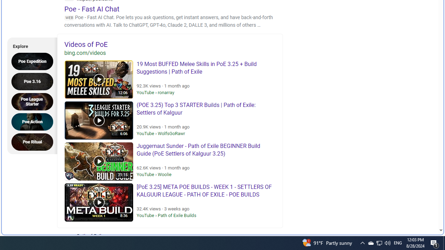  I want to click on 'AutomationID: mfa_root', so click(414, 209).